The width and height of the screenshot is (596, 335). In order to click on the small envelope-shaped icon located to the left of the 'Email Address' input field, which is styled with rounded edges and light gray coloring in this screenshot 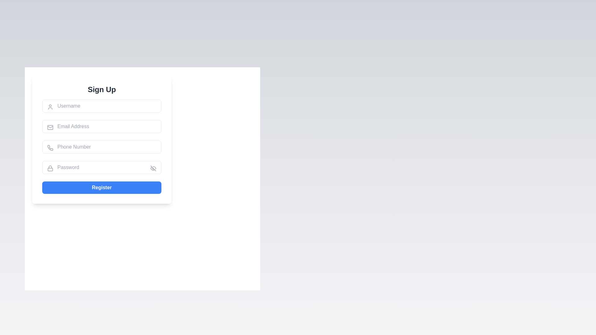, I will do `click(50, 127)`.